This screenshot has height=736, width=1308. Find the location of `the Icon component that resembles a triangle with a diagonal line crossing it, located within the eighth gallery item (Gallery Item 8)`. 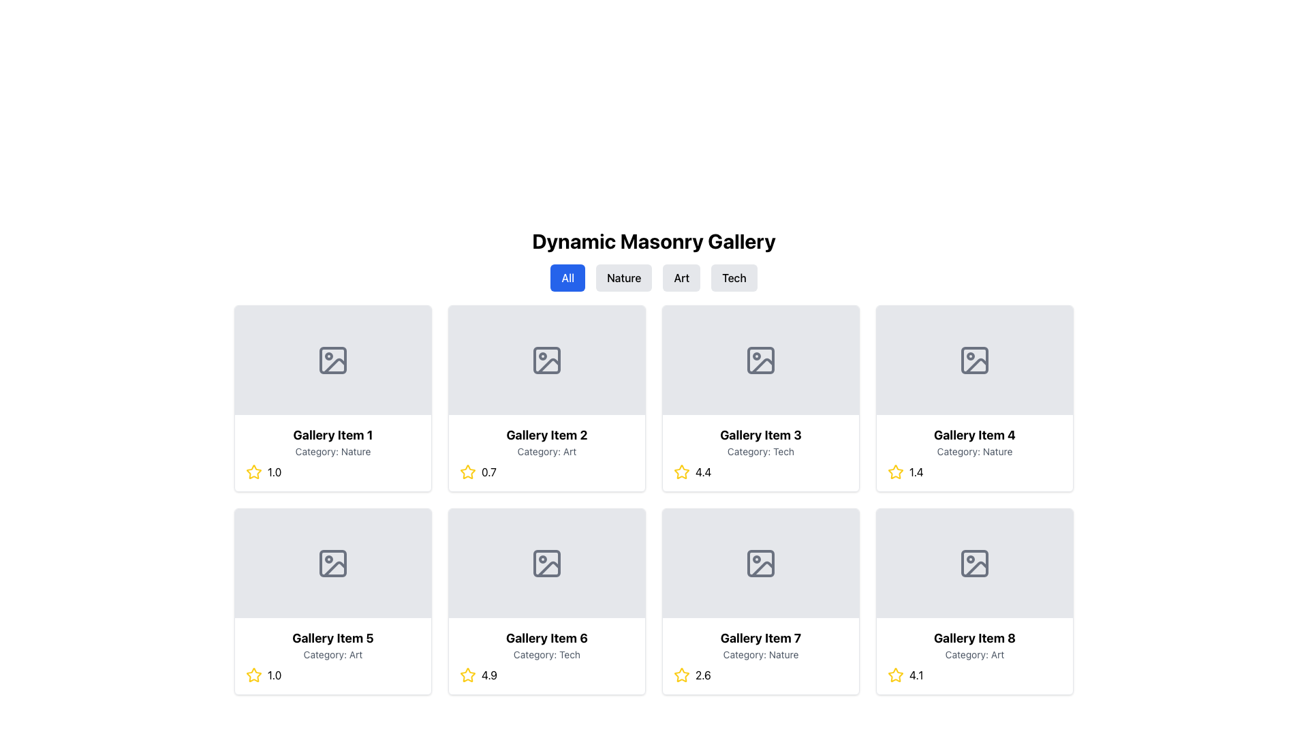

the Icon component that resembles a triangle with a diagonal line crossing it, located within the eighth gallery item (Gallery Item 8) is located at coordinates (976, 568).